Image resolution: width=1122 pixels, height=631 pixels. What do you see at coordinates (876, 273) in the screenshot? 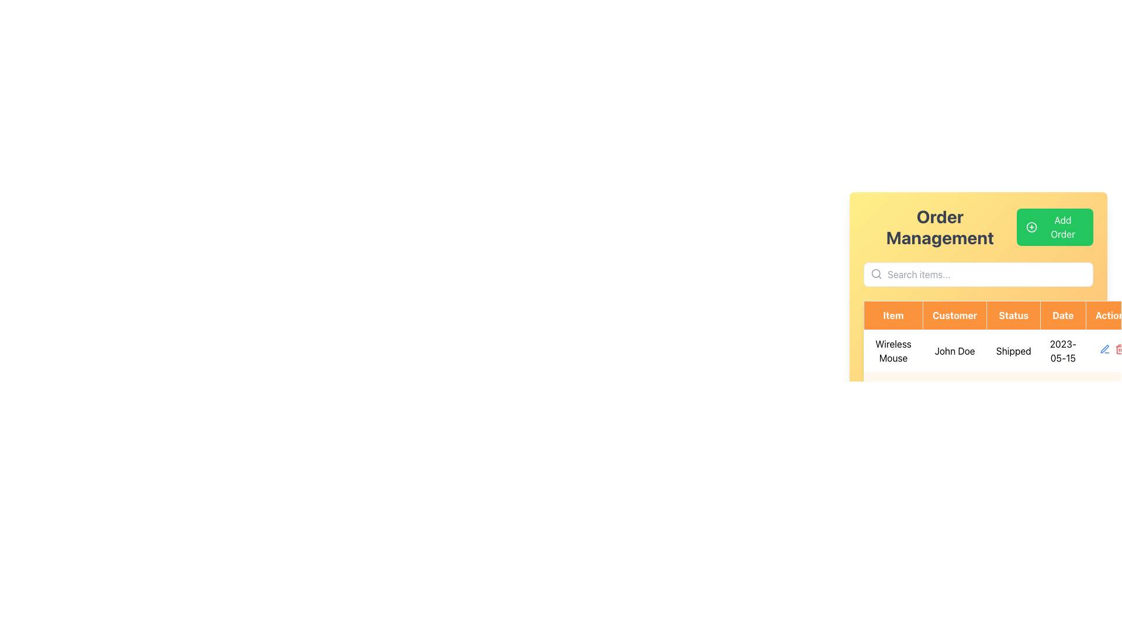
I see `the SVG Circle element that serves as part of the search icon in the 'Order Management' interface, located on the left side of the search input field` at bounding box center [876, 273].